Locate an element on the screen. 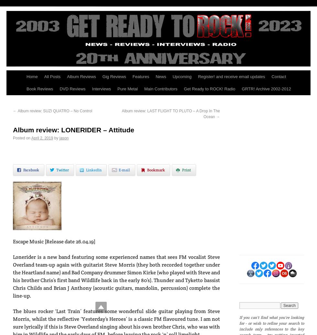 The image size is (317, 335). 'Twitter' is located at coordinates (62, 169).